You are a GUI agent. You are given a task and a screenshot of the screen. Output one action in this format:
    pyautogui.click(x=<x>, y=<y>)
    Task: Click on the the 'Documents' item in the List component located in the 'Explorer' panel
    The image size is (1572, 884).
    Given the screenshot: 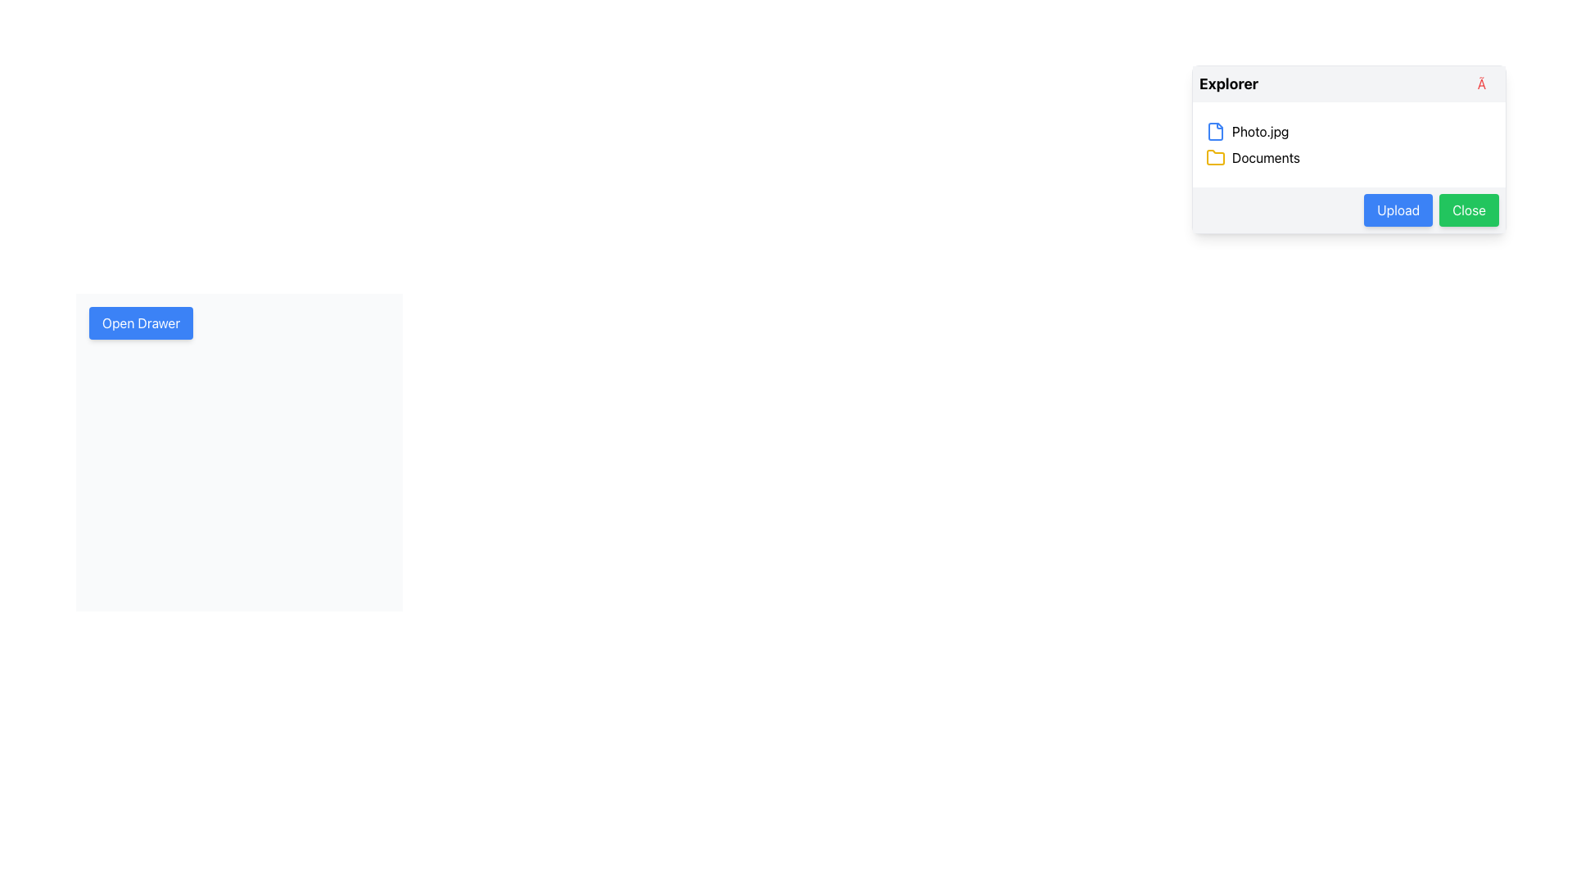 What is the action you would take?
    pyautogui.click(x=1348, y=144)
    